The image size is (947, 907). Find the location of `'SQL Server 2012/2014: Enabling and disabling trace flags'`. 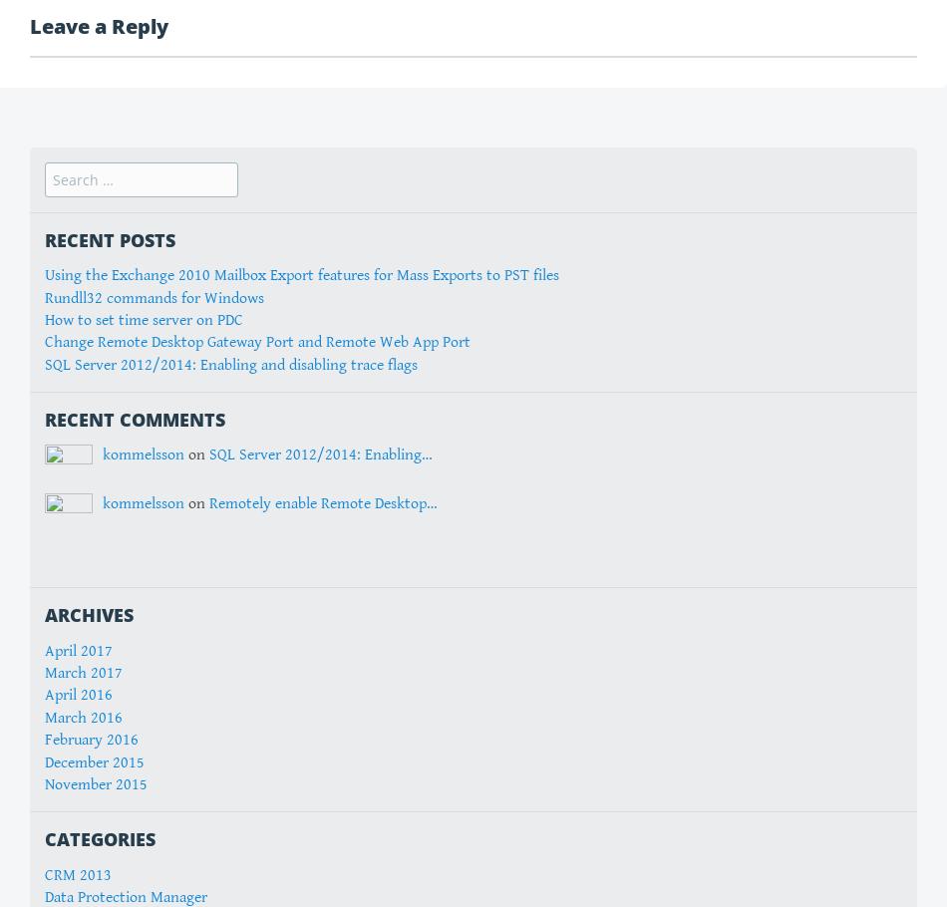

'SQL Server 2012/2014: Enabling and disabling trace flags' is located at coordinates (230, 364).